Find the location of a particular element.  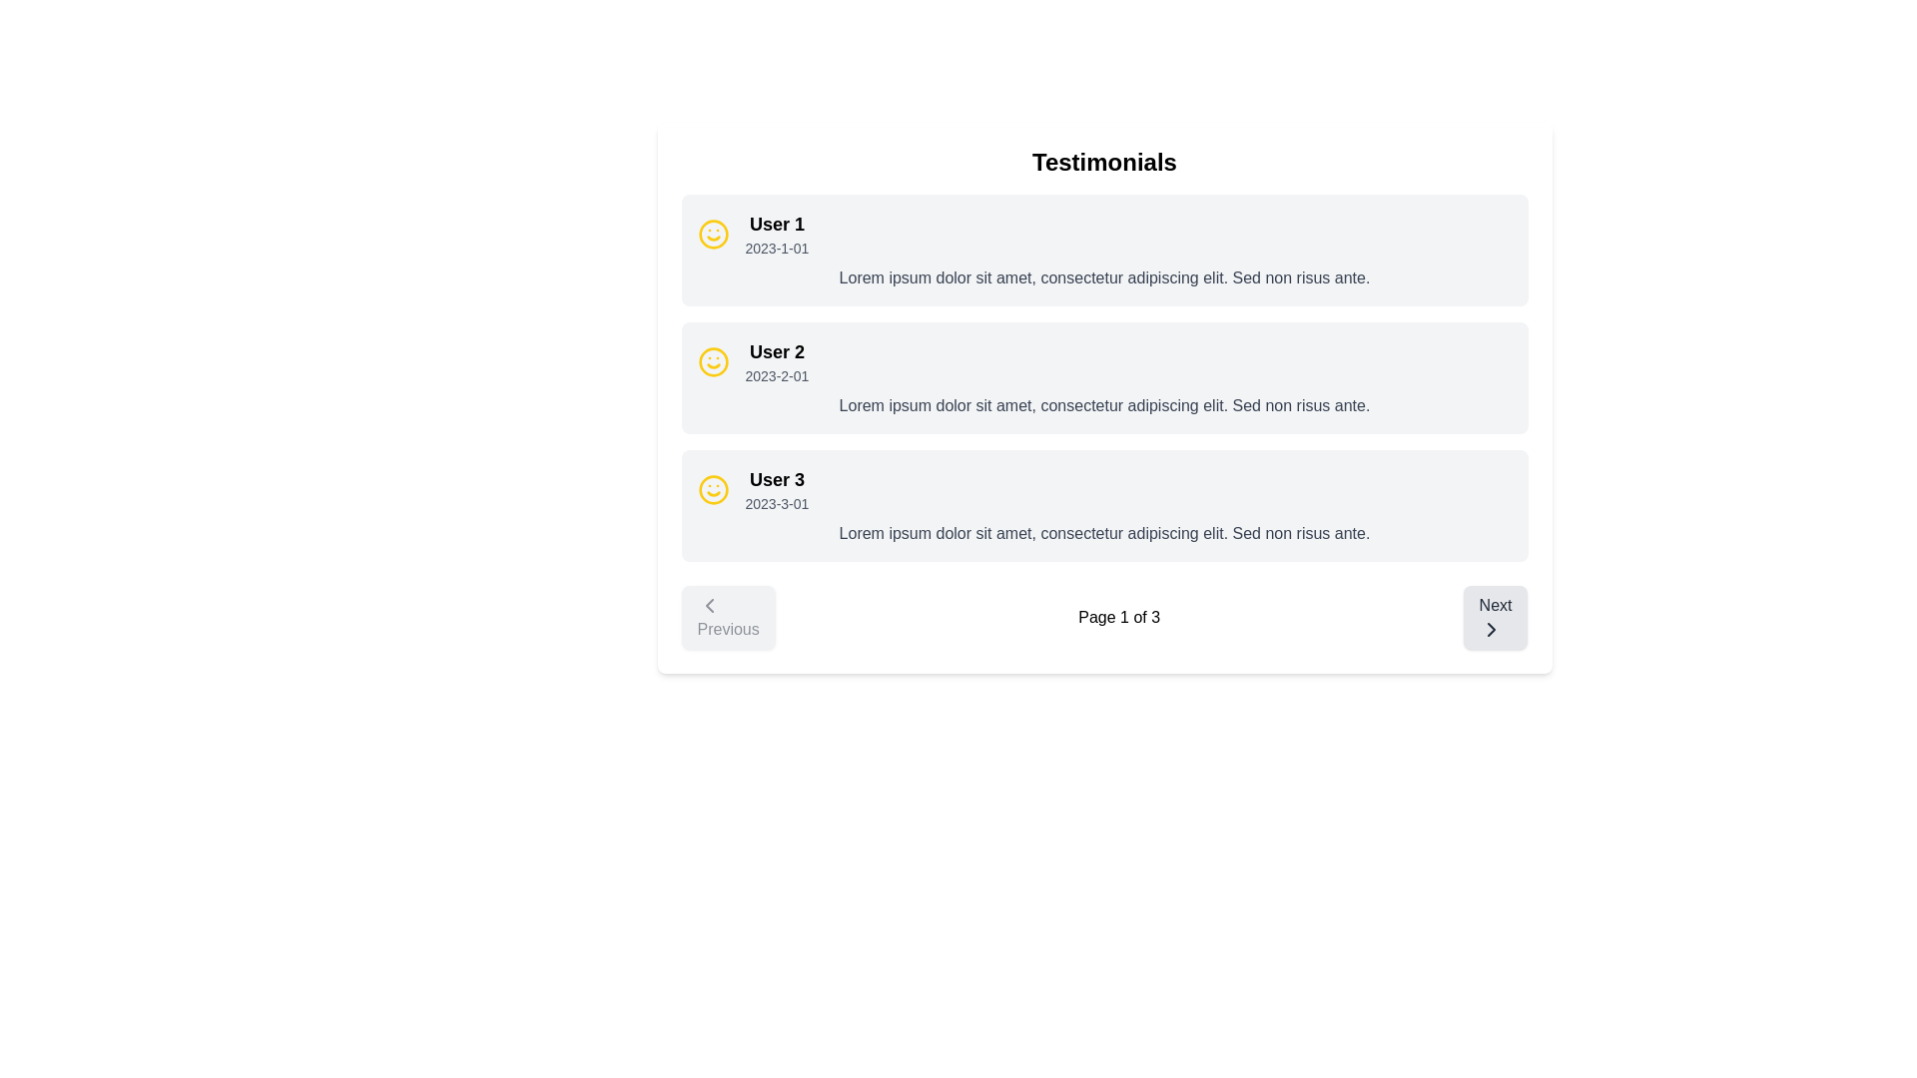

the Textual Information Block containing 'User 3' and the date '2023-3-01', which is styled with a bold font for the username and a smaller gray font for the date is located at coordinates (776, 489).